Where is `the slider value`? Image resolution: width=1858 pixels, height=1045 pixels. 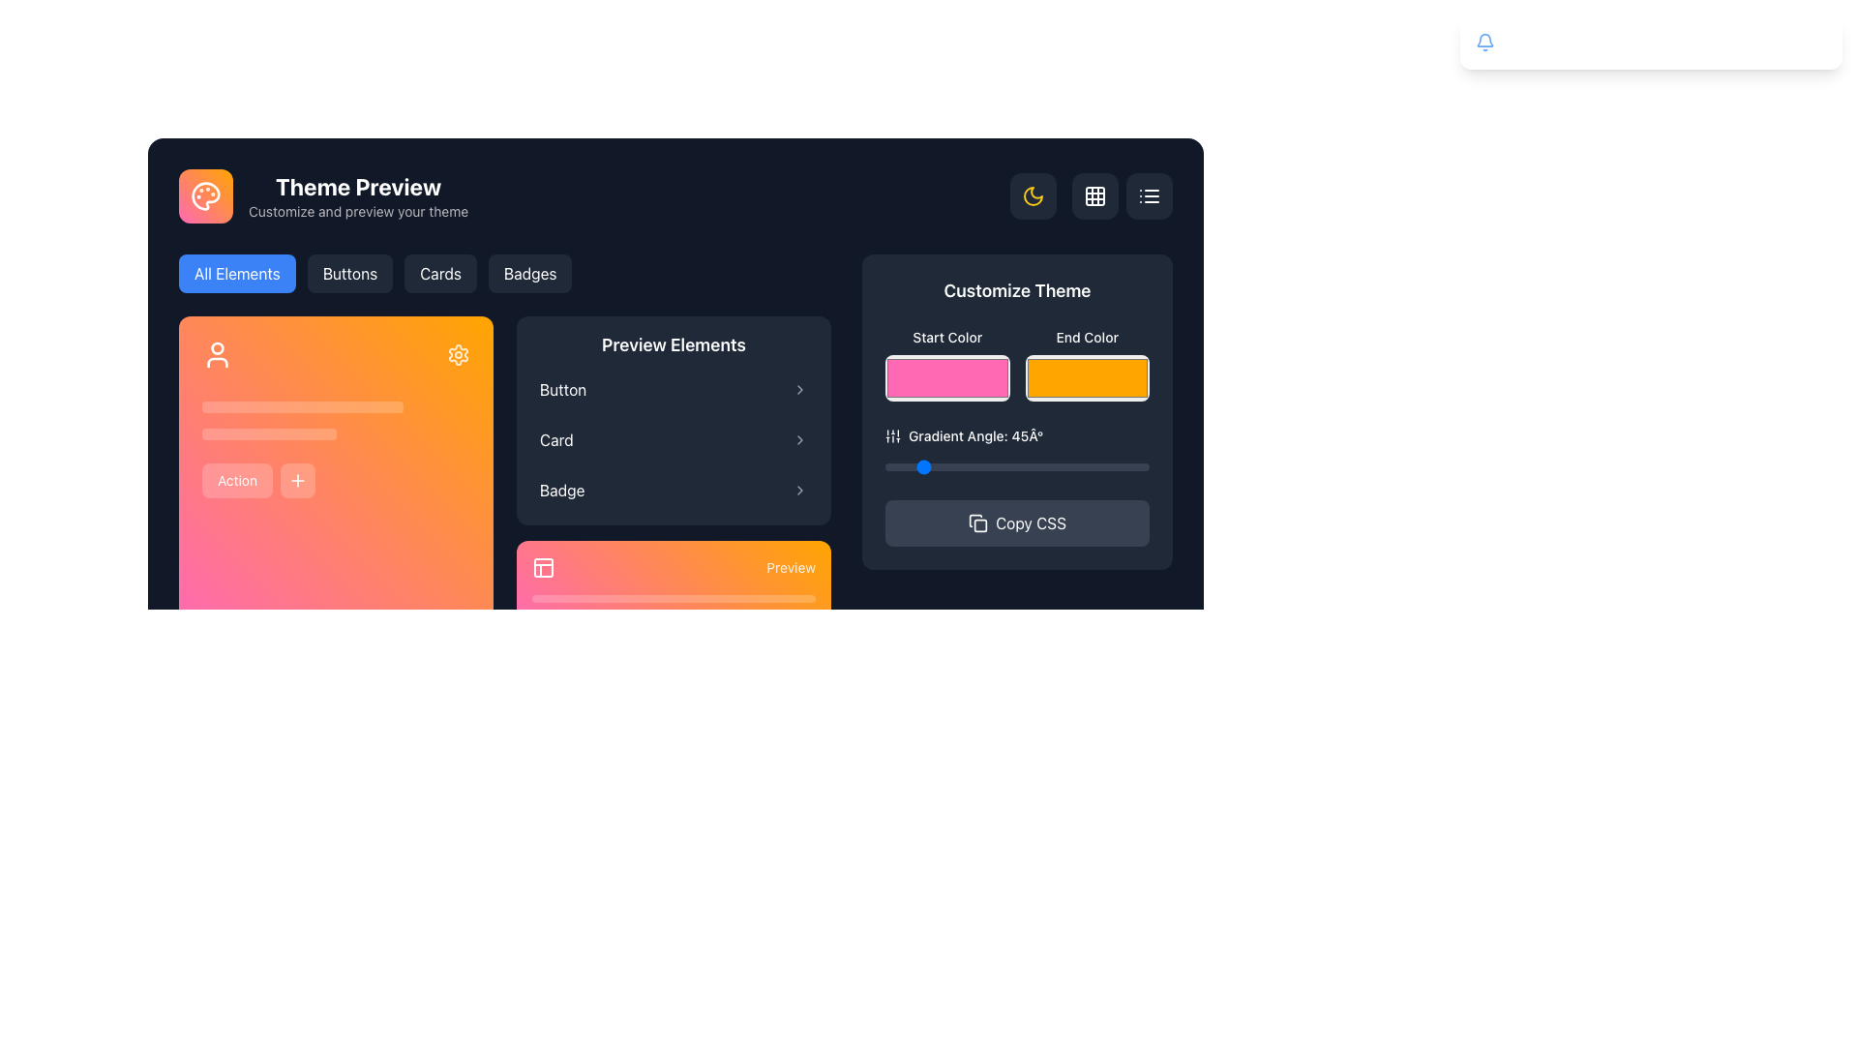 the slider value is located at coordinates (953, 466).